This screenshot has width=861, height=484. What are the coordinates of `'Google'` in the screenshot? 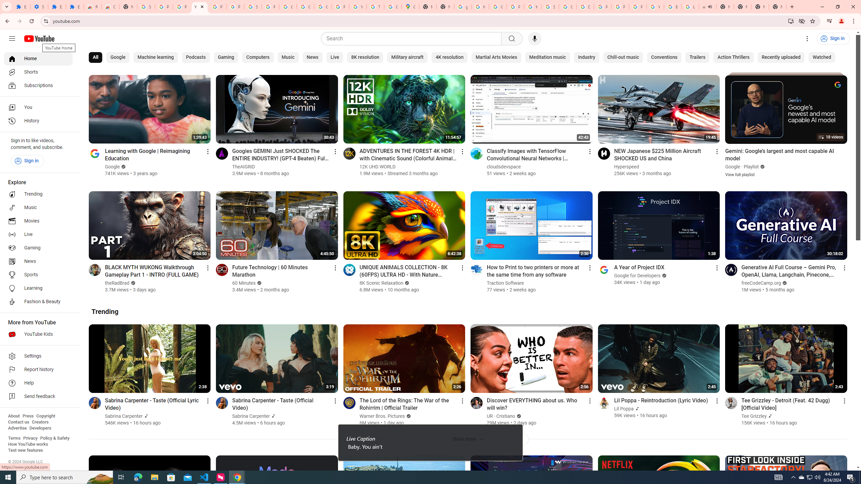 It's located at (117, 57).